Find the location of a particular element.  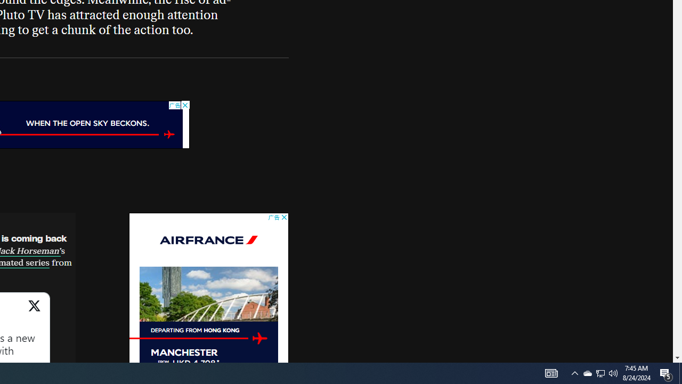

'AutomationID: cbb' is located at coordinates (284, 217).